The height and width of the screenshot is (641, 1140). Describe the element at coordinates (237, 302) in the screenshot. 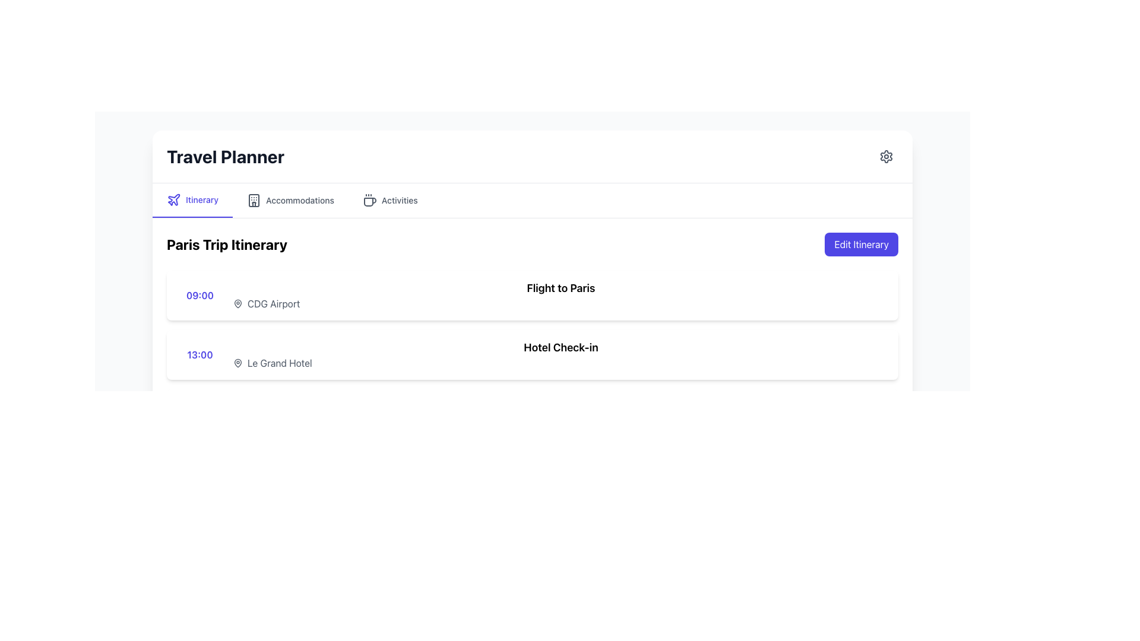

I see `the location pin icon for the 13:00 entry of 'Le Grand Hotel' in the itinerary section of the travel planner interface` at that location.